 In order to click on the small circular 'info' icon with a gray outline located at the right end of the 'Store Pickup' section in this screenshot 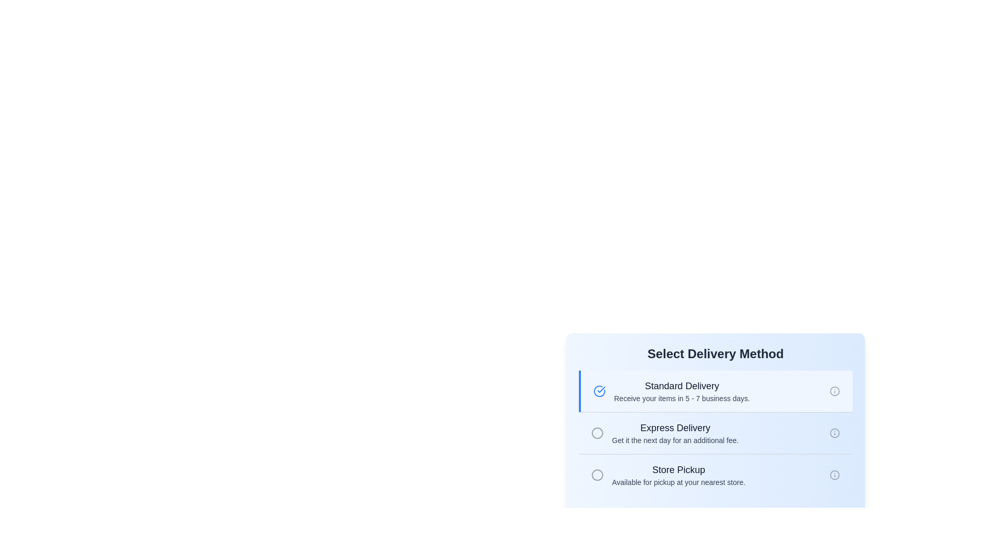, I will do `click(835, 475)`.